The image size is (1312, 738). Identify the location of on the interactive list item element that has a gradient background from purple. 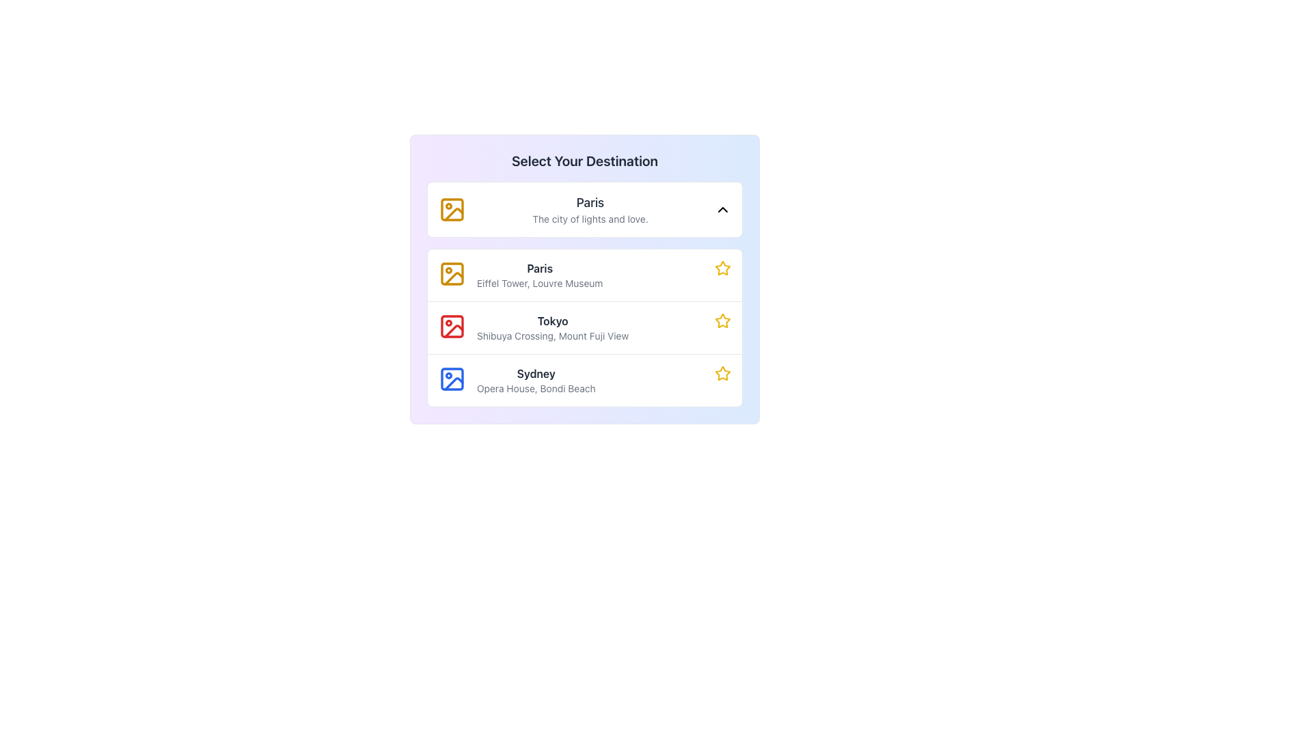
(584, 278).